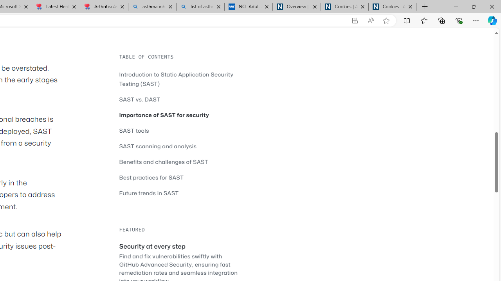  What do you see at coordinates (180, 79) in the screenshot?
I see `'Introduction to Static Application Security Testing (SAST)'` at bounding box center [180, 79].